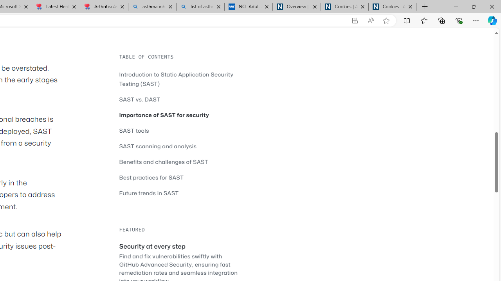  What do you see at coordinates (180, 79) in the screenshot?
I see `'Introduction to Static Application Security Testing (SAST)'` at bounding box center [180, 79].